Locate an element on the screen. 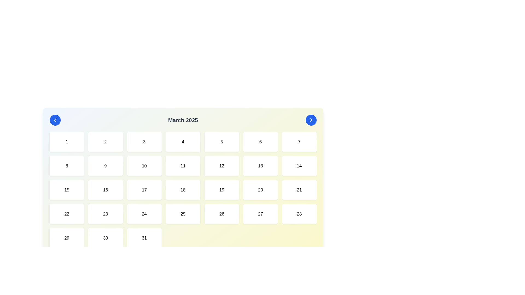 This screenshot has height=295, width=525. the interactive calendar day box containing the numeral '19' is located at coordinates (222, 190).